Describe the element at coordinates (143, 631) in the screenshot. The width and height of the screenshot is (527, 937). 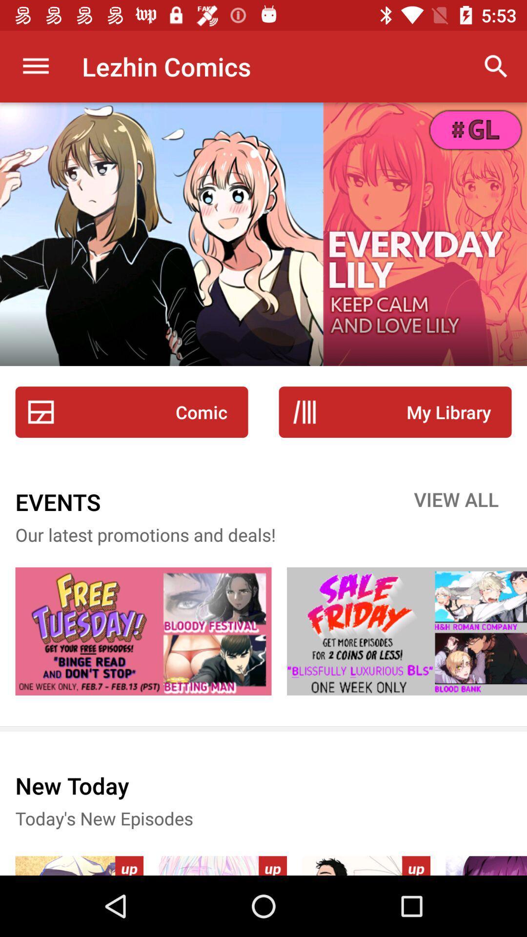
I see `open image related link` at that location.